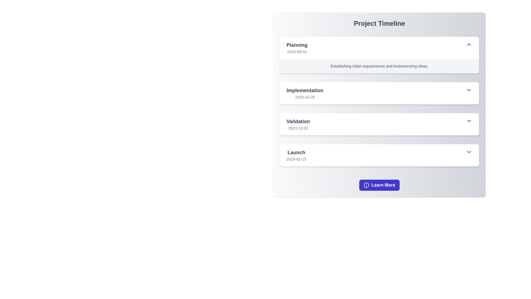 Image resolution: width=531 pixels, height=299 pixels. What do you see at coordinates (379, 66) in the screenshot?
I see `the textual description that reads 'Establishing initial requirements and brainstorming ideas.' located in the 'Planning' section under the 'Project Timeline' header` at bounding box center [379, 66].